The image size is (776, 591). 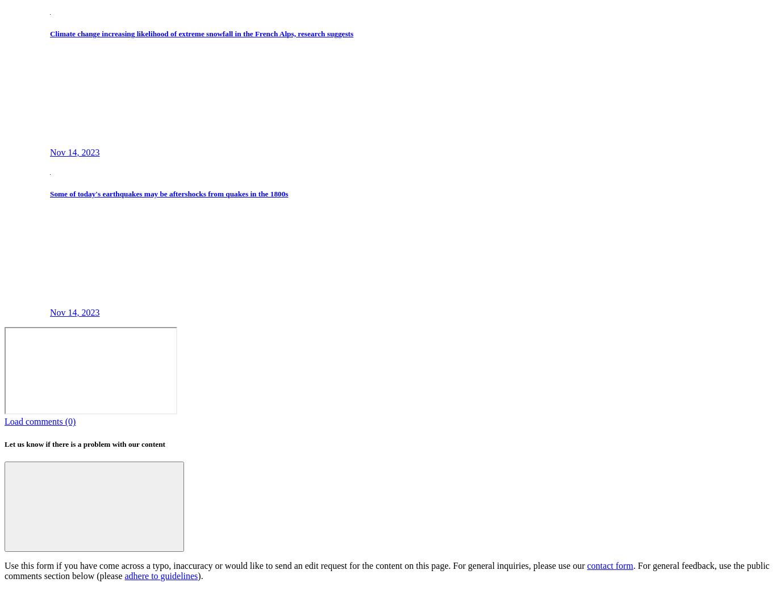 I want to click on 'contact form', so click(x=609, y=565).